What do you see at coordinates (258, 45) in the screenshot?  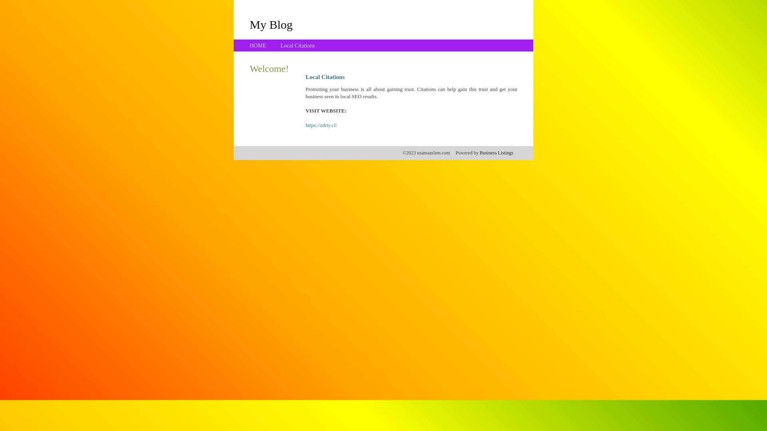 I see `'HOME'` at bounding box center [258, 45].